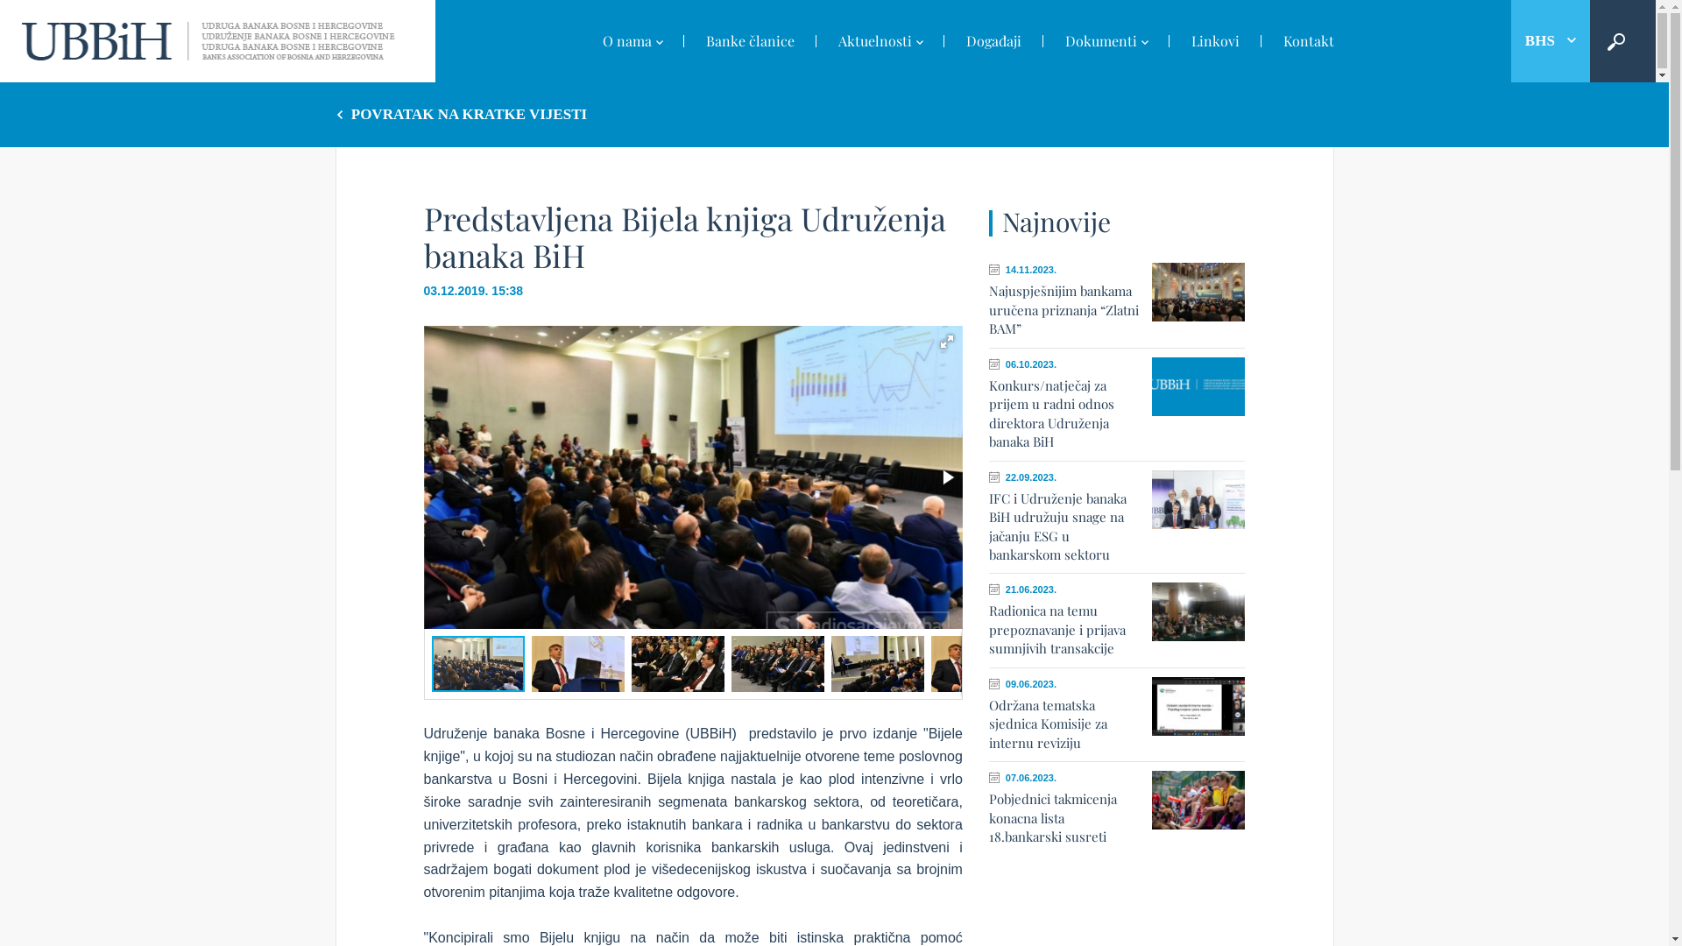 The height and width of the screenshot is (946, 1682). What do you see at coordinates (1169, 39) in the screenshot?
I see `'Linkovi'` at bounding box center [1169, 39].